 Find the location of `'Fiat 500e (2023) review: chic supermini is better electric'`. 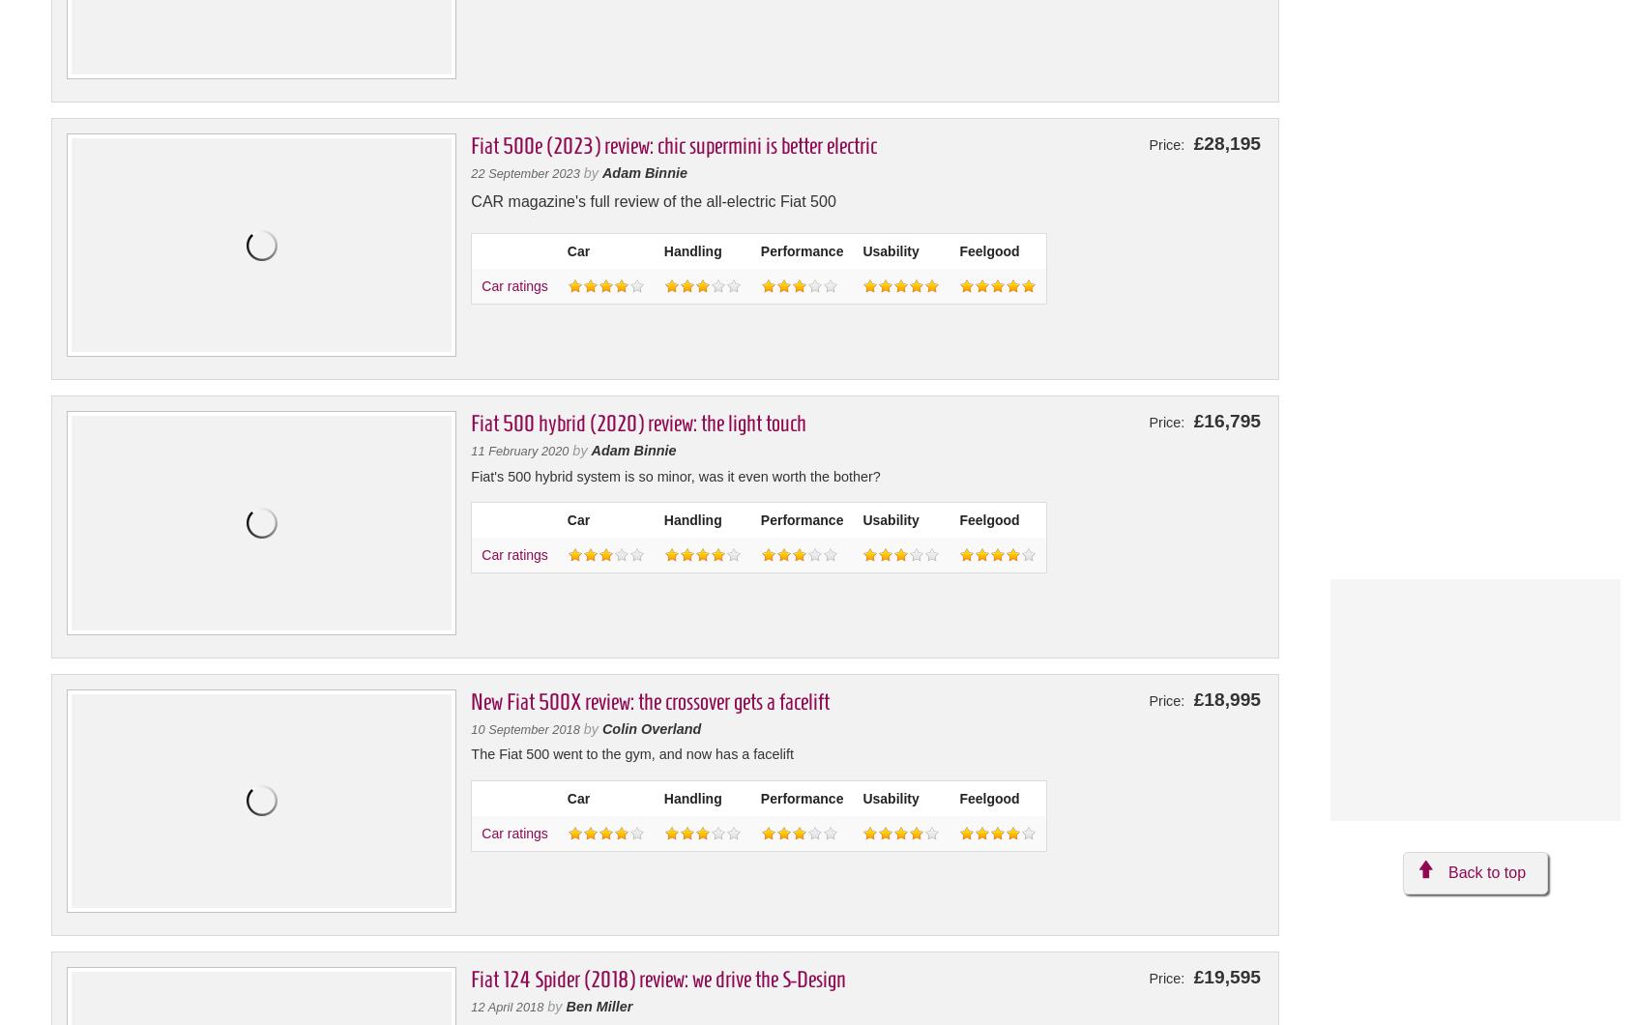

'Fiat 500e (2023) review: chic supermini is better electric' is located at coordinates (673, 145).